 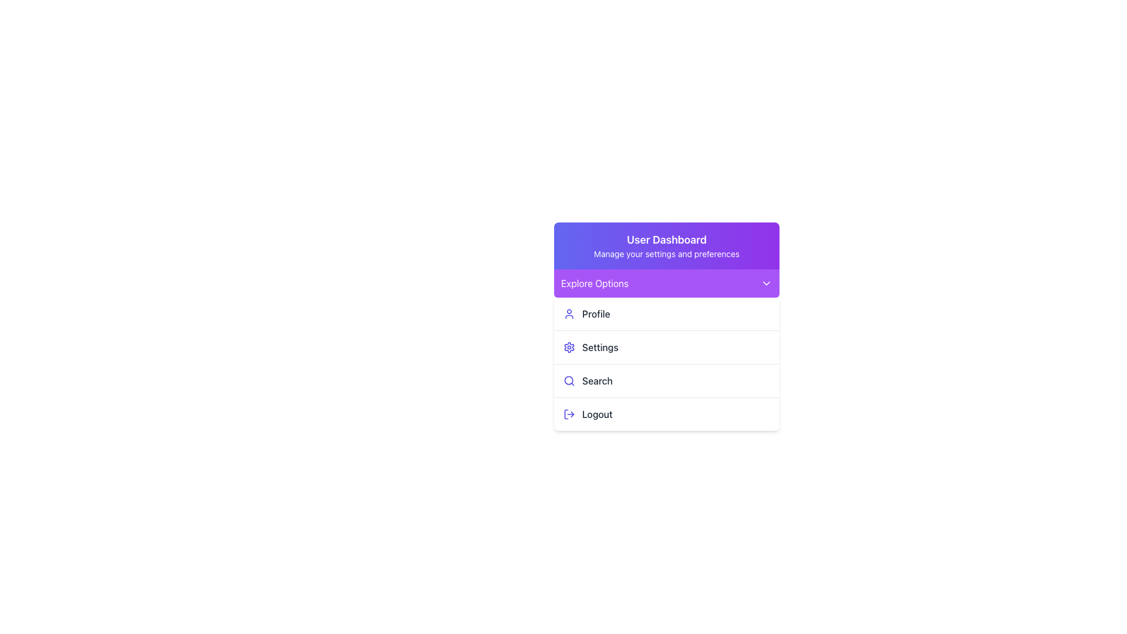 What do you see at coordinates (766, 283) in the screenshot?
I see `the downward-pointing chevron icon located within the purple 'Explore Options' button` at bounding box center [766, 283].